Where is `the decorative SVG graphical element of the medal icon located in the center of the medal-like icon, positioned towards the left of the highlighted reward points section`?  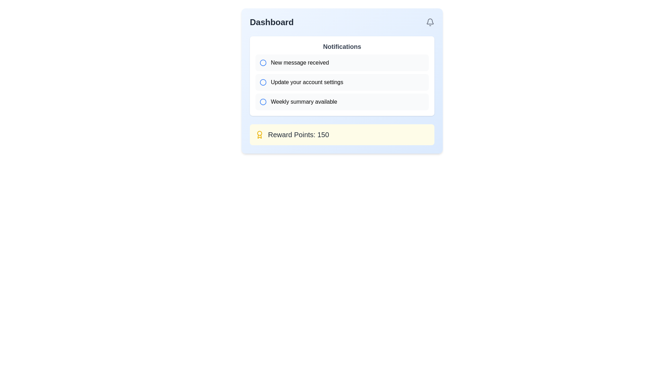 the decorative SVG graphical element of the medal icon located in the center of the medal-like icon, positioned towards the left of the highlighted reward points section is located at coordinates (259, 133).